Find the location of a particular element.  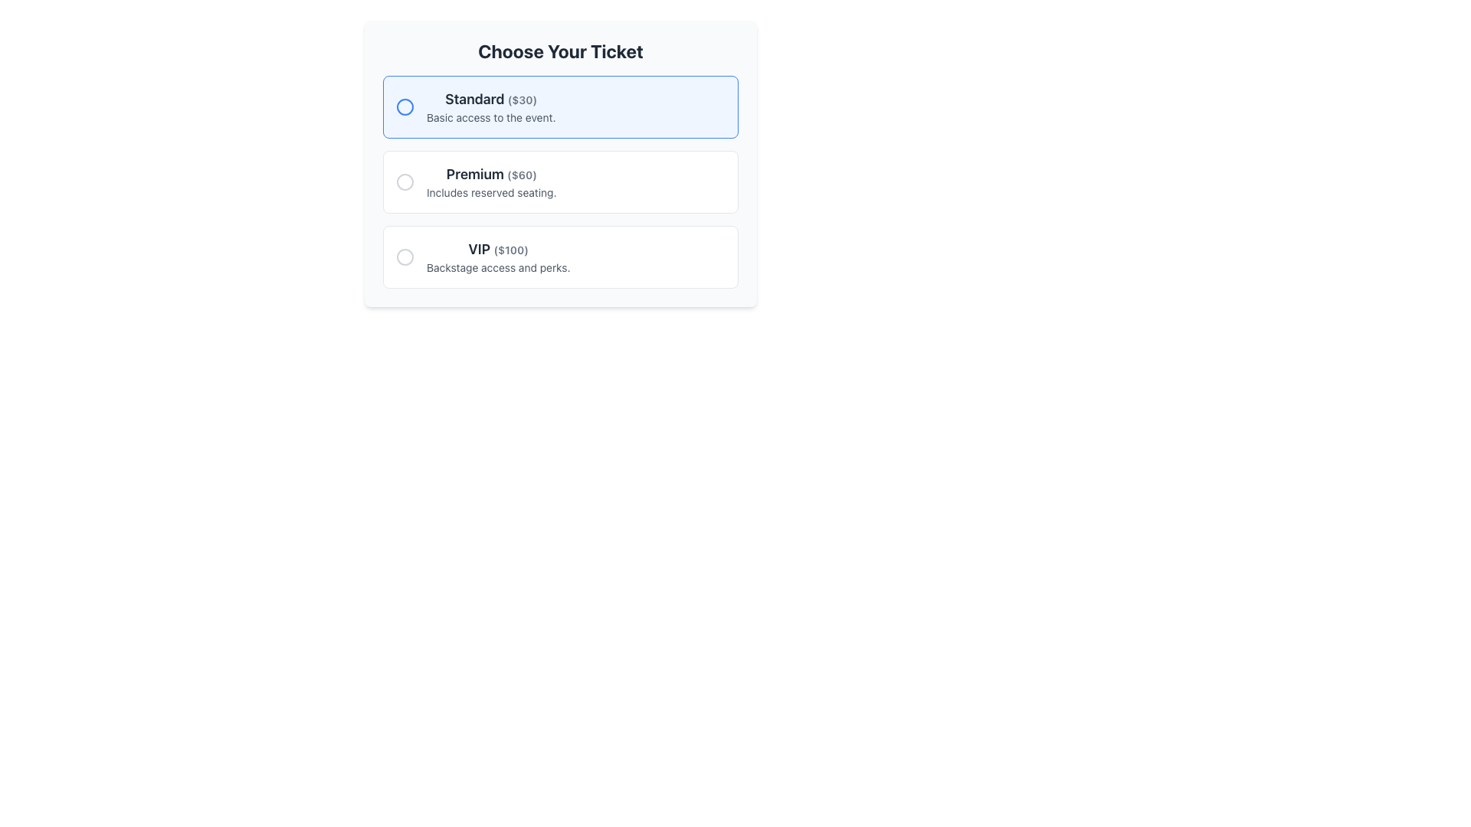

information provided in the 'Standard' ticket option text label, which includes its cost of $30 and the description 'Basic access to the event.' is located at coordinates (491, 106).